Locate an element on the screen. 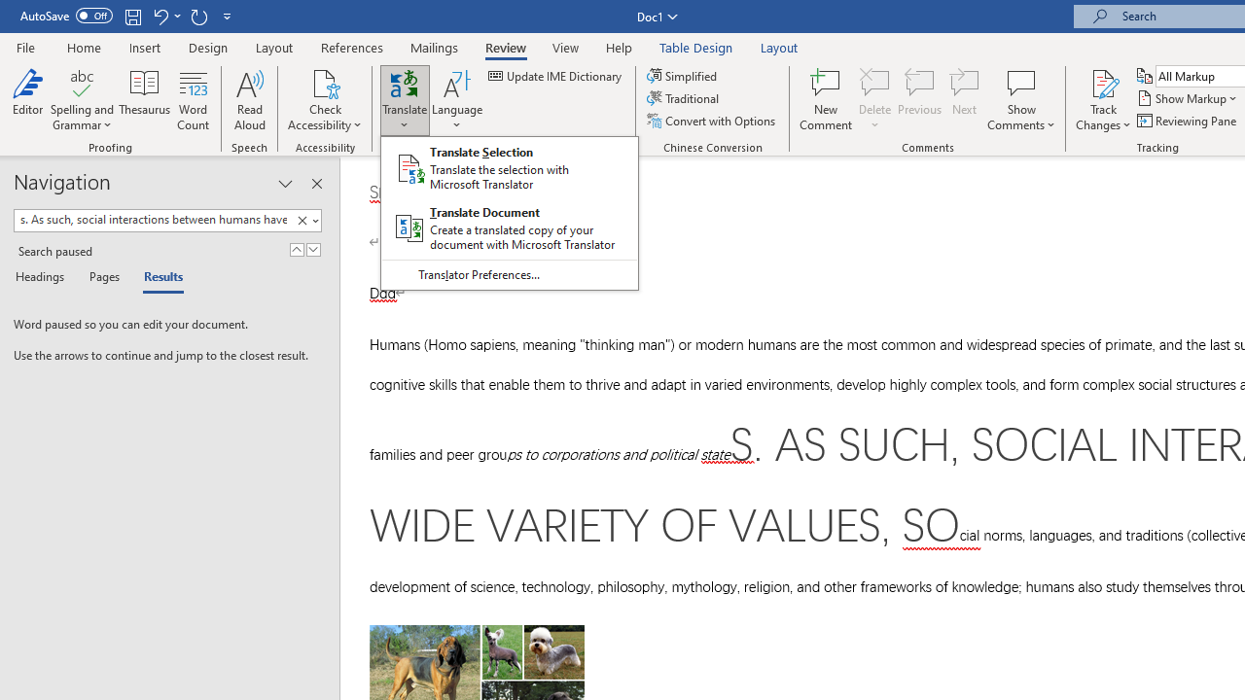 The width and height of the screenshot is (1245, 700). 'Convert with Options...' is located at coordinates (711, 121).